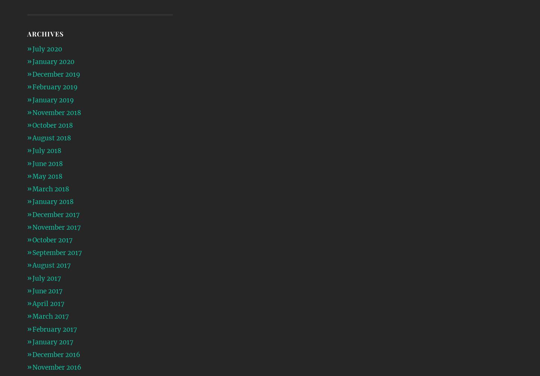  What do you see at coordinates (56, 367) in the screenshot?
I see `'November 2016'` at bounding box center [56, 367].